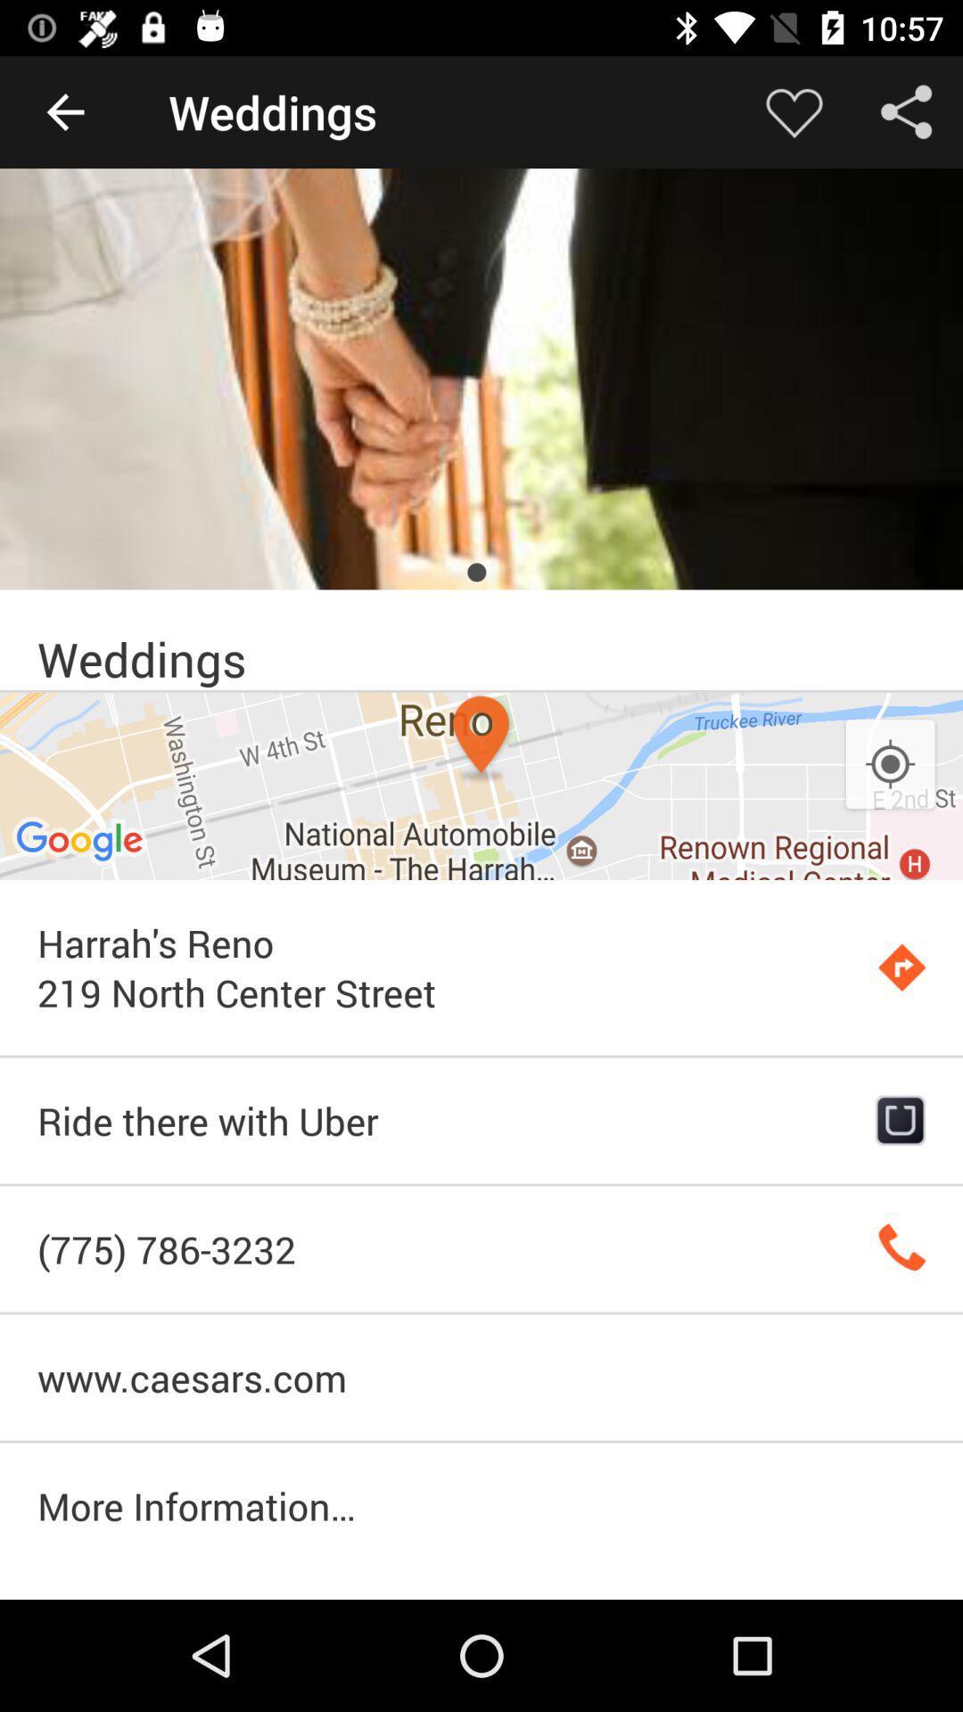 The width and height of the screenshot is (963, 1712). Describe the element at coordinates (794, 111) in the screenshot. I see `item to the right of the weddings` at that location.